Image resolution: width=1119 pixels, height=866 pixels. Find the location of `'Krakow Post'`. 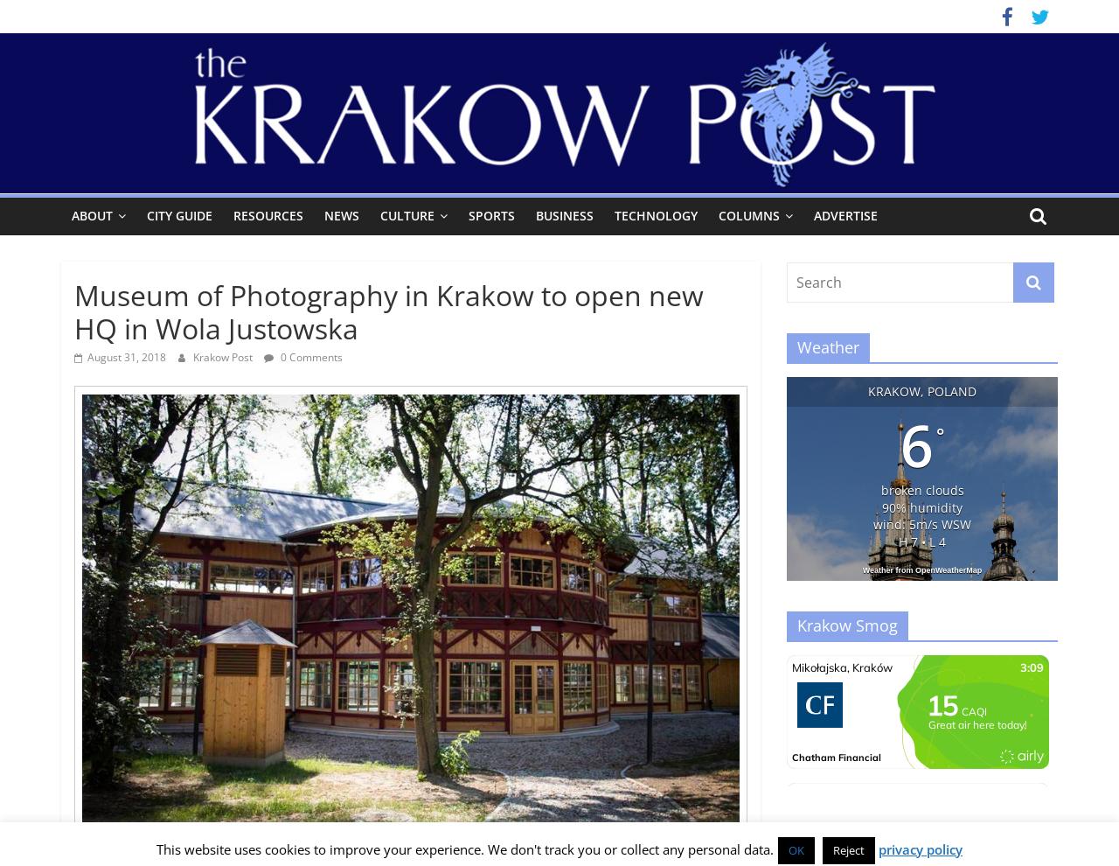

'Krakow Post' is located at coordinates (223, 356).